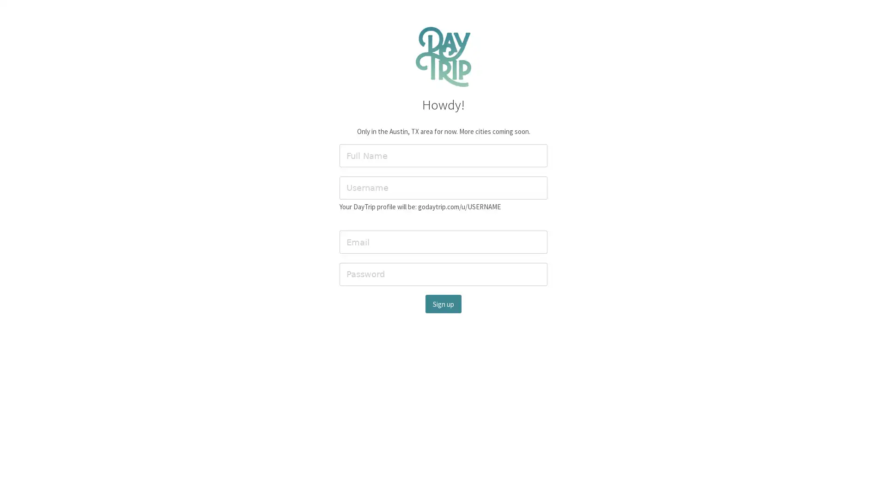  I want to click on Sign up, so click(443, 304).